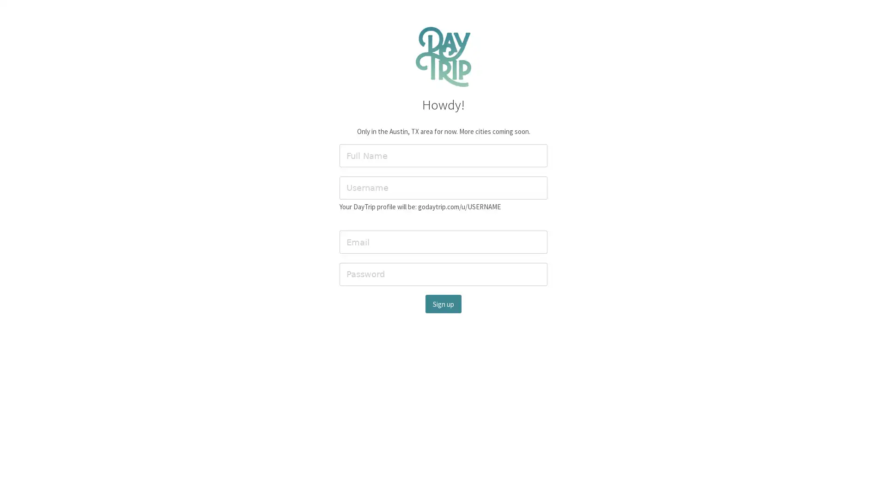  I want to click on Sign up, so click(443, 304).